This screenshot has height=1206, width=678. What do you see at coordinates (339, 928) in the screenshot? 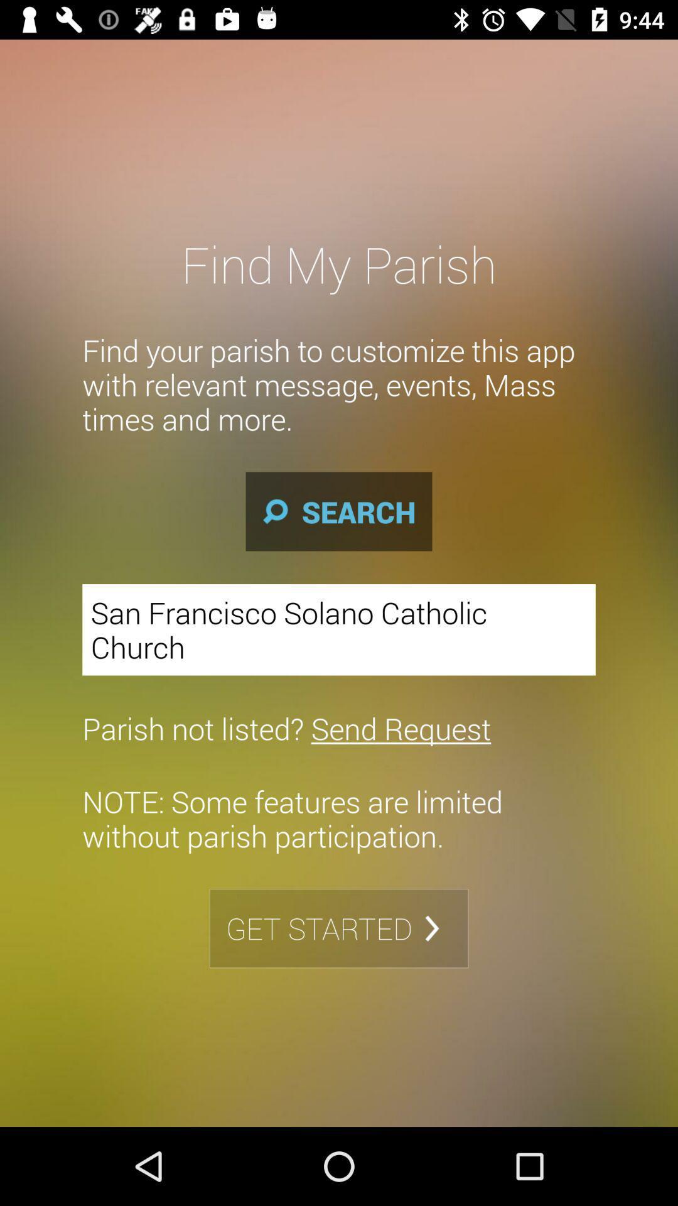
I see `get started item` at bounding box center [339, 928].